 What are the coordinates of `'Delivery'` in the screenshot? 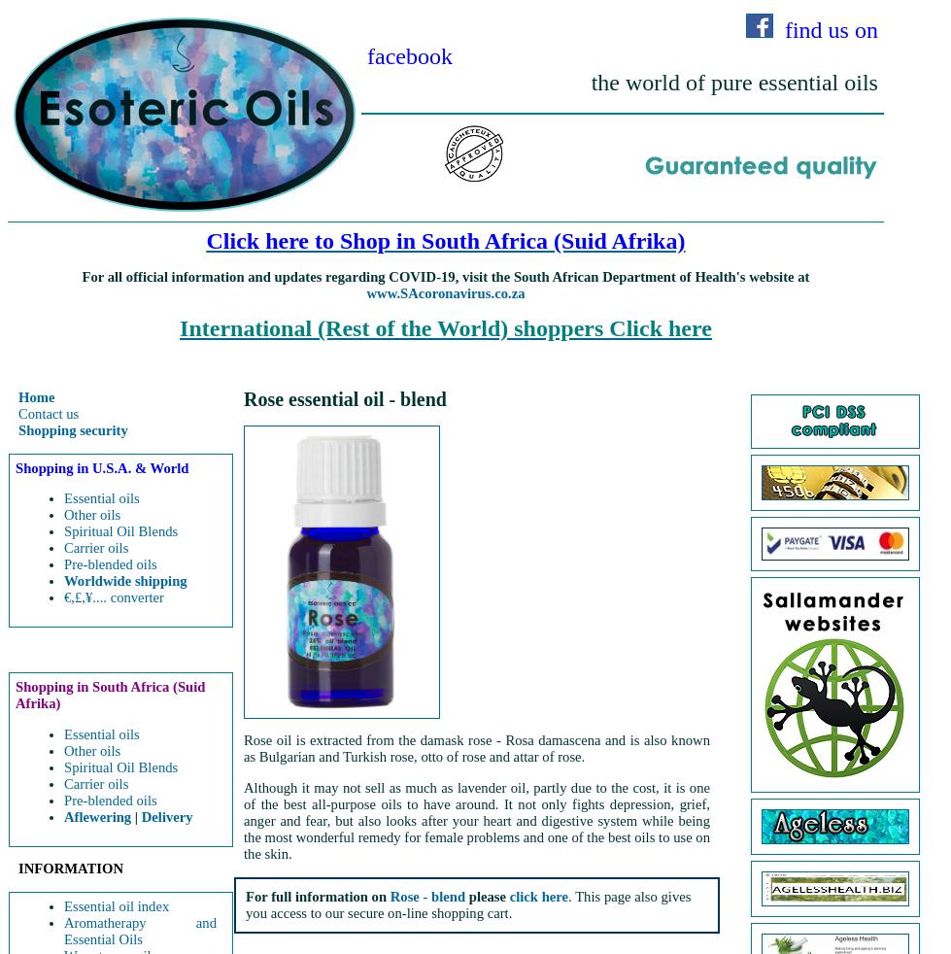 It's located at (166, 816).